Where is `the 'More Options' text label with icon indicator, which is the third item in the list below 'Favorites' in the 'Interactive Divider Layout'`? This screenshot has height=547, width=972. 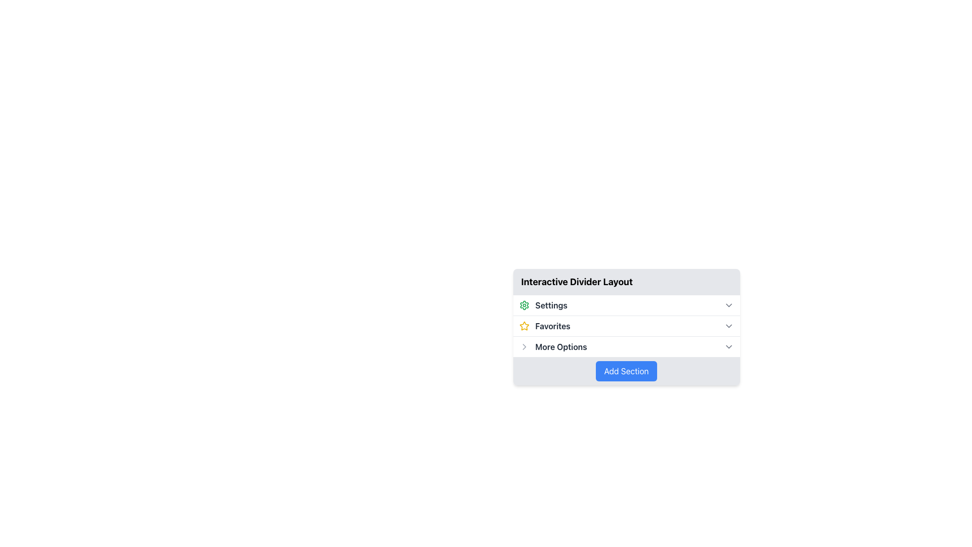
the 'More Options' text label with icon indicator, which is the third item in the list below 'Favorites' in the 'Interactive Divider Layout' is located at coordinates (552, 346).